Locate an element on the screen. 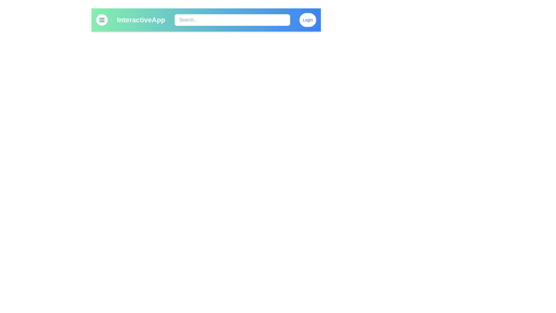 The image size is (556, 313). menu button to toggle the menu visibility is located at coordinates (102, 20).